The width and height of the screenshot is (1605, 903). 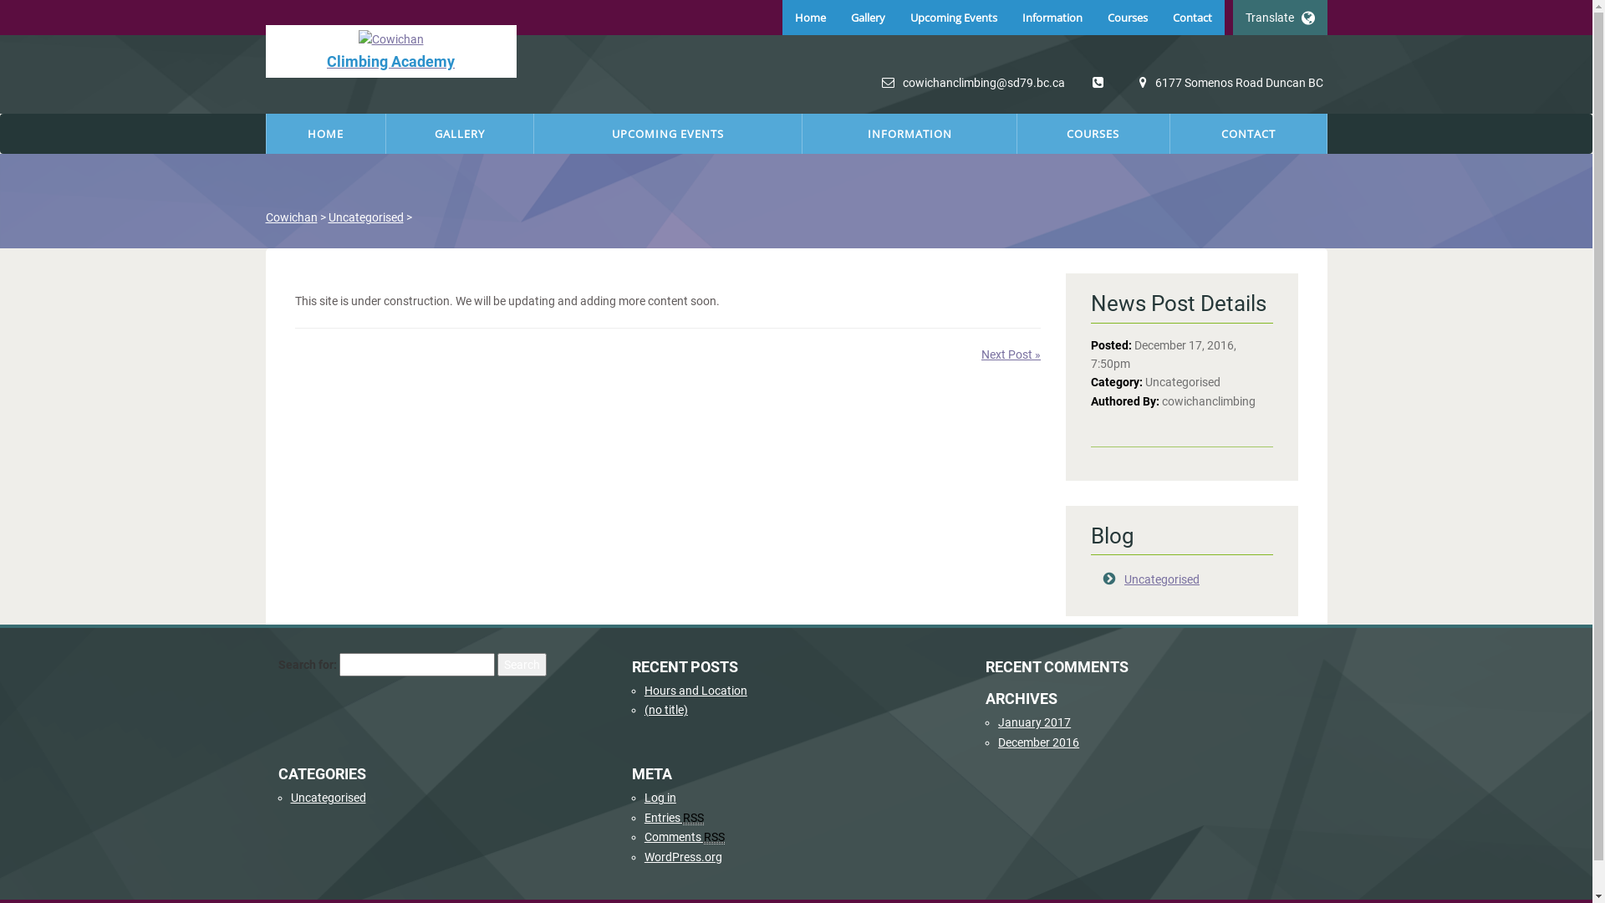 I want to click on 'Hours and Location', so click(x=695, y=690).